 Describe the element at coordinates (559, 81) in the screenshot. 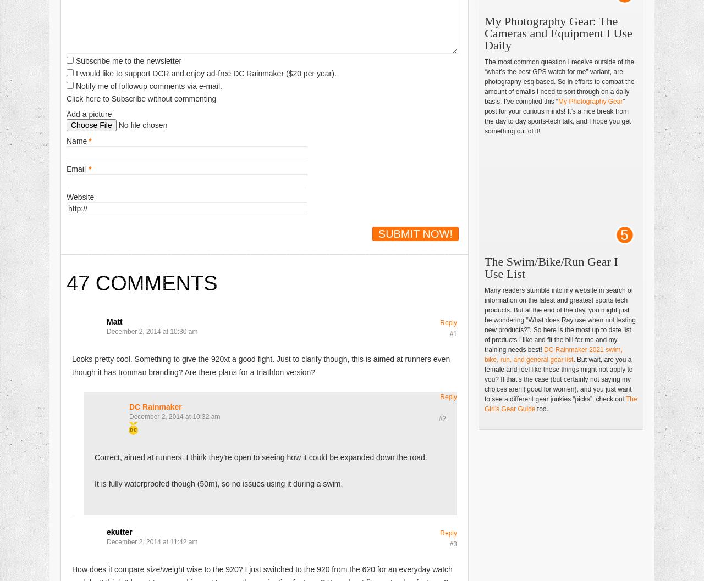

I see `'The most common question I receive outside of the “what’s the best GPS watch for me” variant, are photography-esq based. So in efforts to combat the amount of emails I need to sort through on a daily basis, I’ve complied this “'` at that location.